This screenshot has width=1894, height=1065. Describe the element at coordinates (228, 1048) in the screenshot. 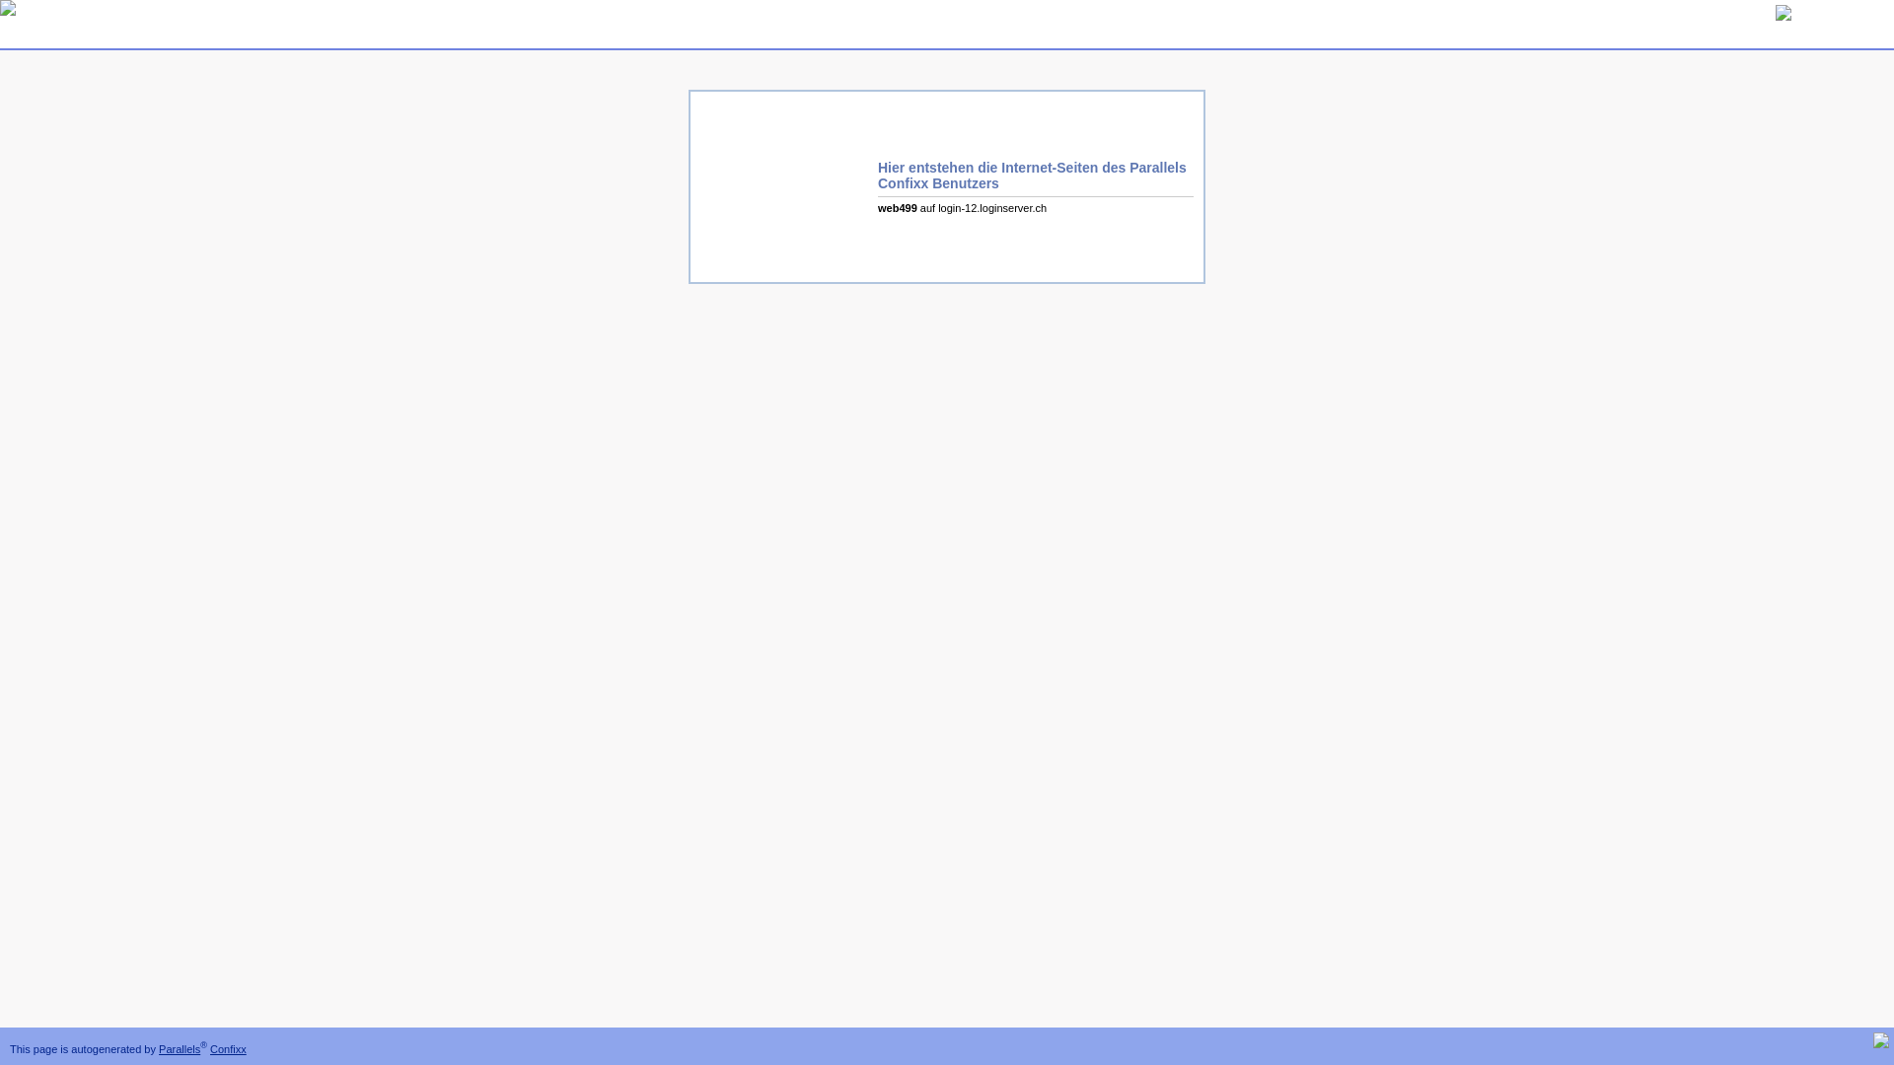

I see `'Confixx'` at that location.